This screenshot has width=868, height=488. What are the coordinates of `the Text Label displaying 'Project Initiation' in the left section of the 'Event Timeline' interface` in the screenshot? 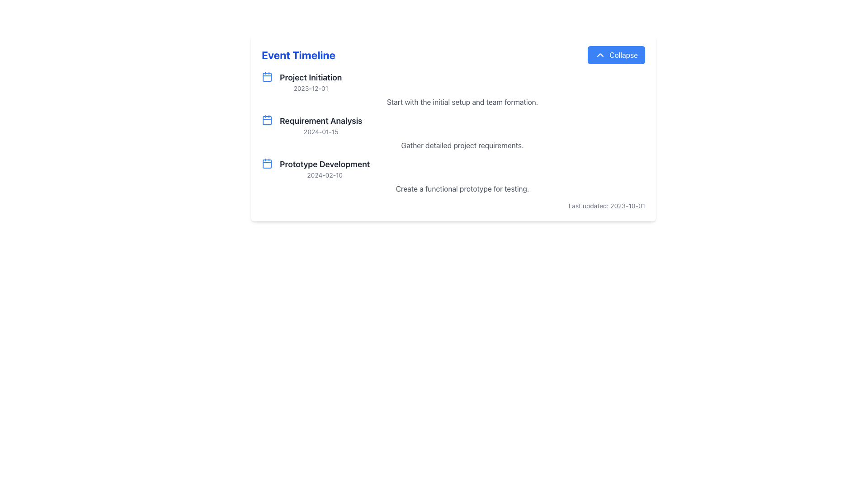 It's located at (311, 77).